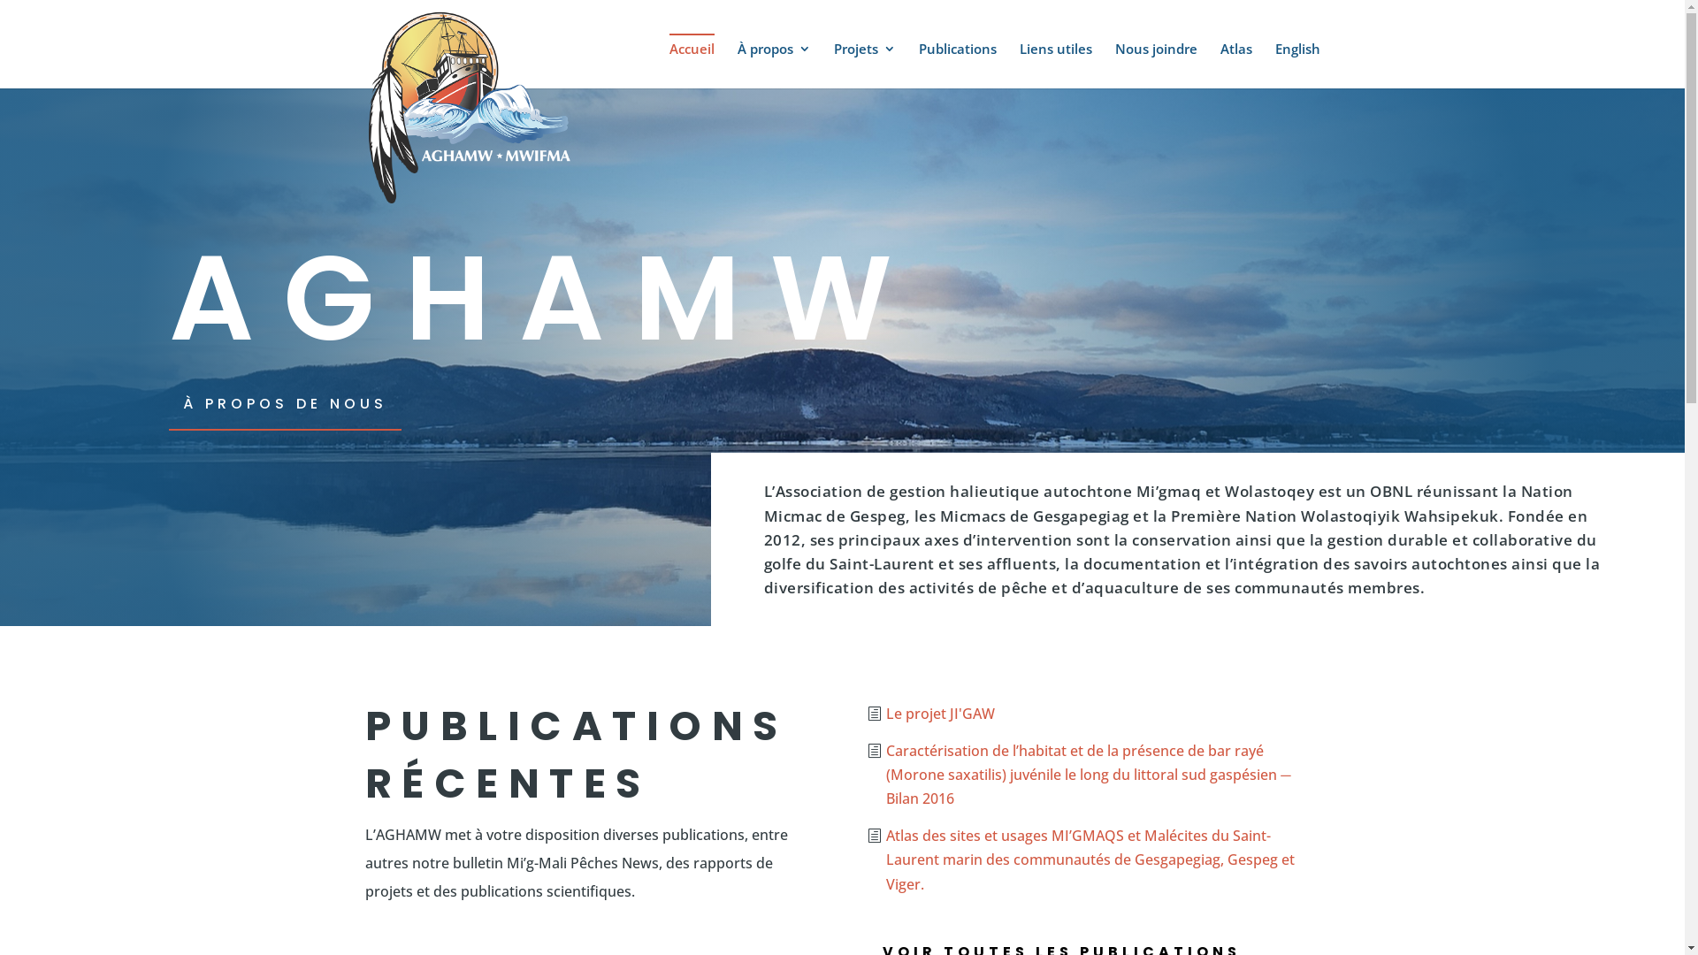 The height and width of the screenshot is (955, 1698). What do you see at coordinates (1235, 64) in the screenshot?
I see `'Atlas'` at bounding box center [1235, 64].